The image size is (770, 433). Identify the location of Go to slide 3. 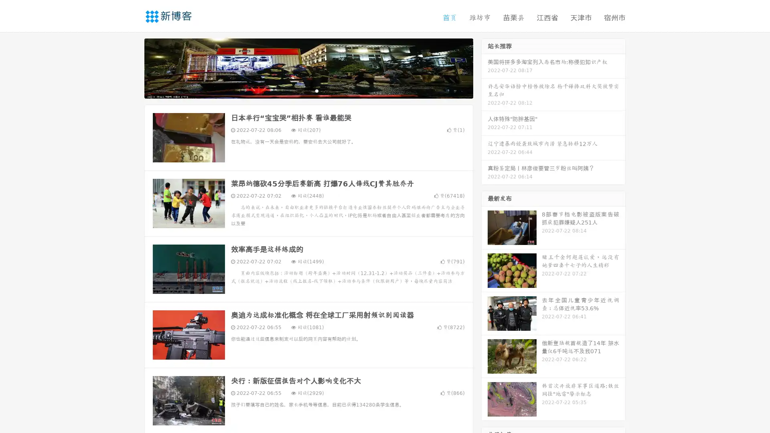
(316, 90).